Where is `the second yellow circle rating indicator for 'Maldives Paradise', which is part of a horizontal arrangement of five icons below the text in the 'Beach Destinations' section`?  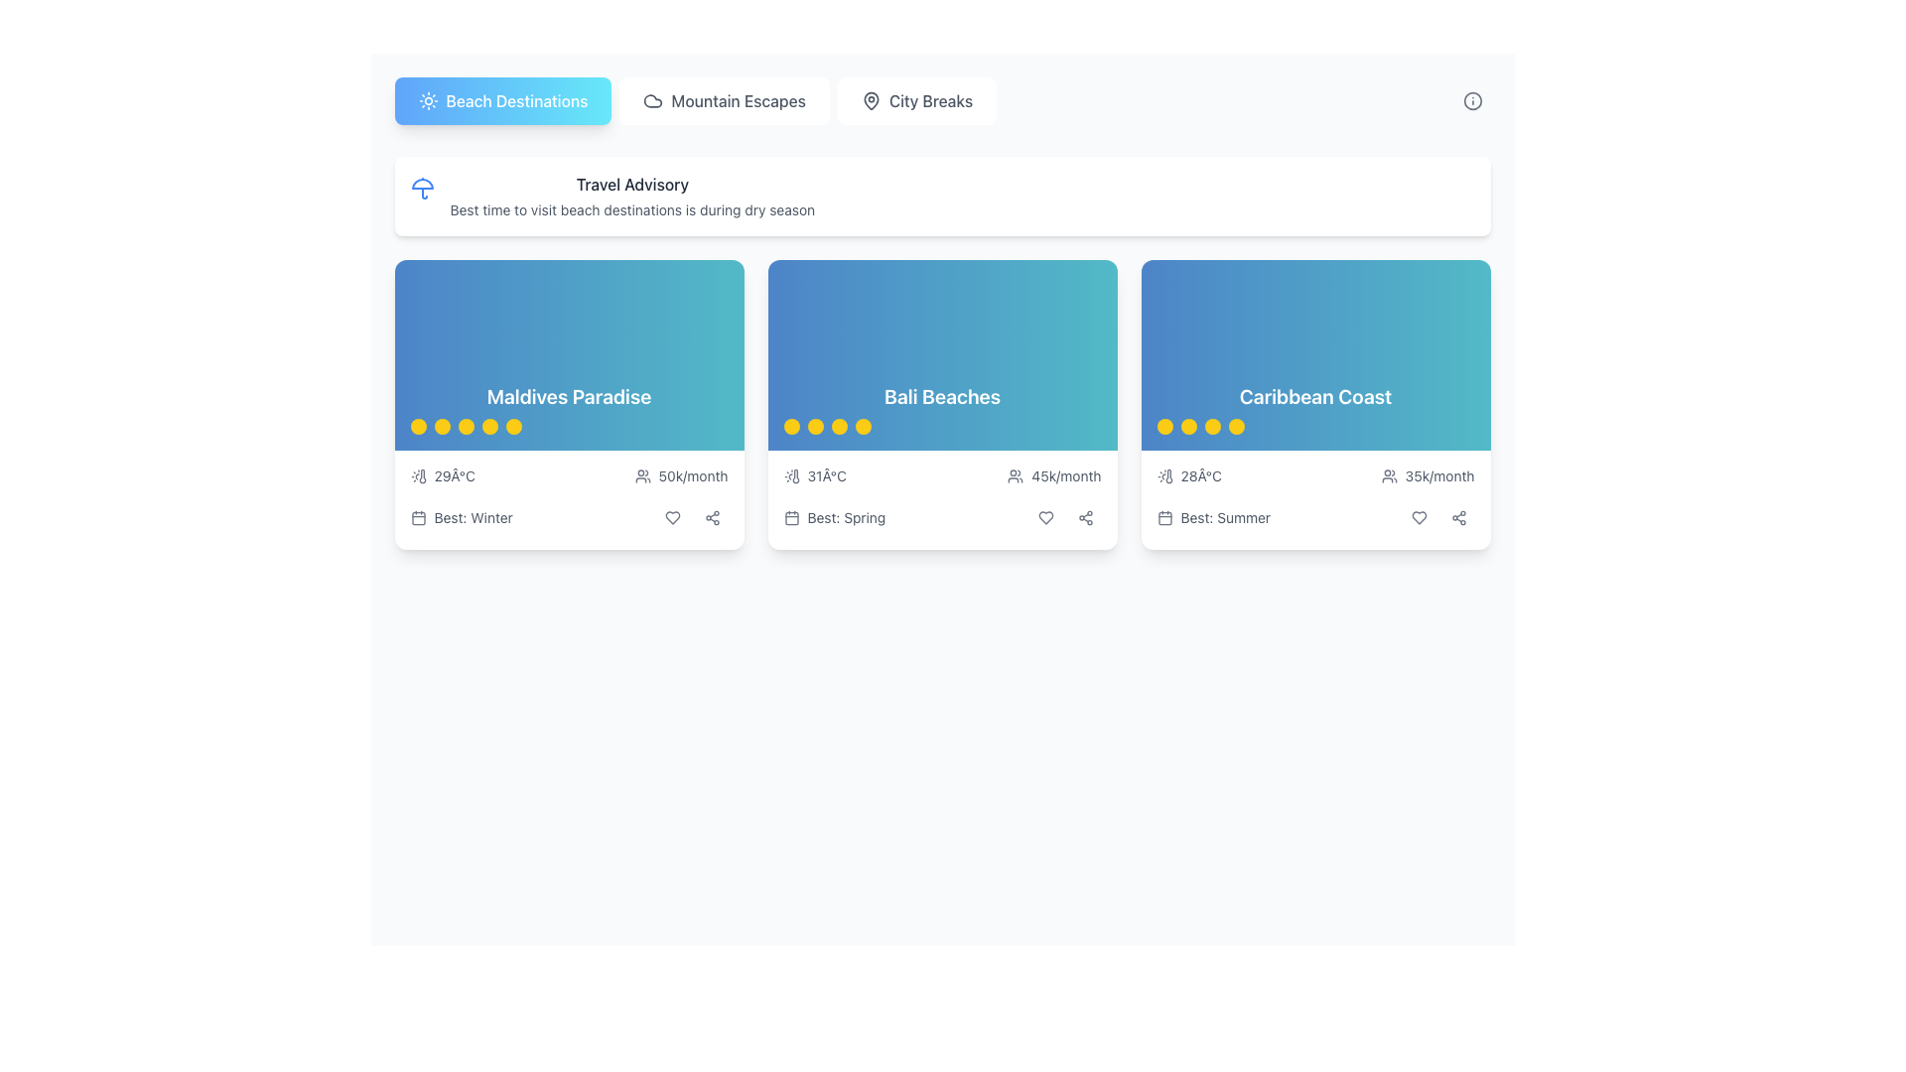
the second yellow circle rating indicator for 'Maldives Paradise', which is part of a horizontal arrangement of five icons below the text in the 'Beach Destinations' section is located at coordinates (441, 425).